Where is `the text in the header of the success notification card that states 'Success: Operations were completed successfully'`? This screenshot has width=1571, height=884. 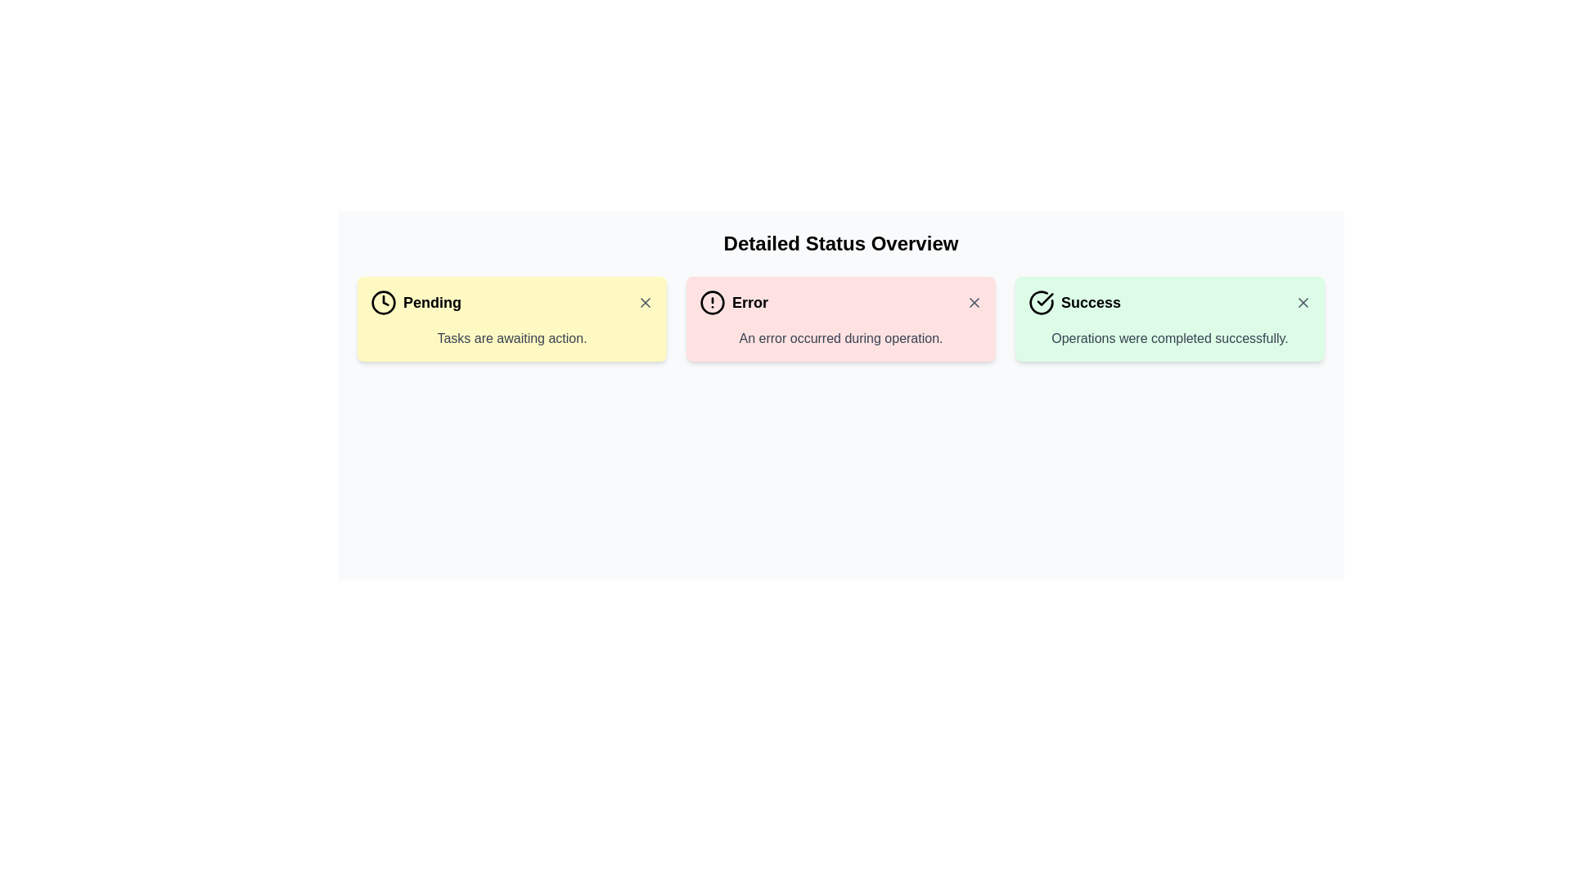 the text in the header of the success notification card that states 'Success: Operations were completed successfully' is located at coordinates (1169, 303).